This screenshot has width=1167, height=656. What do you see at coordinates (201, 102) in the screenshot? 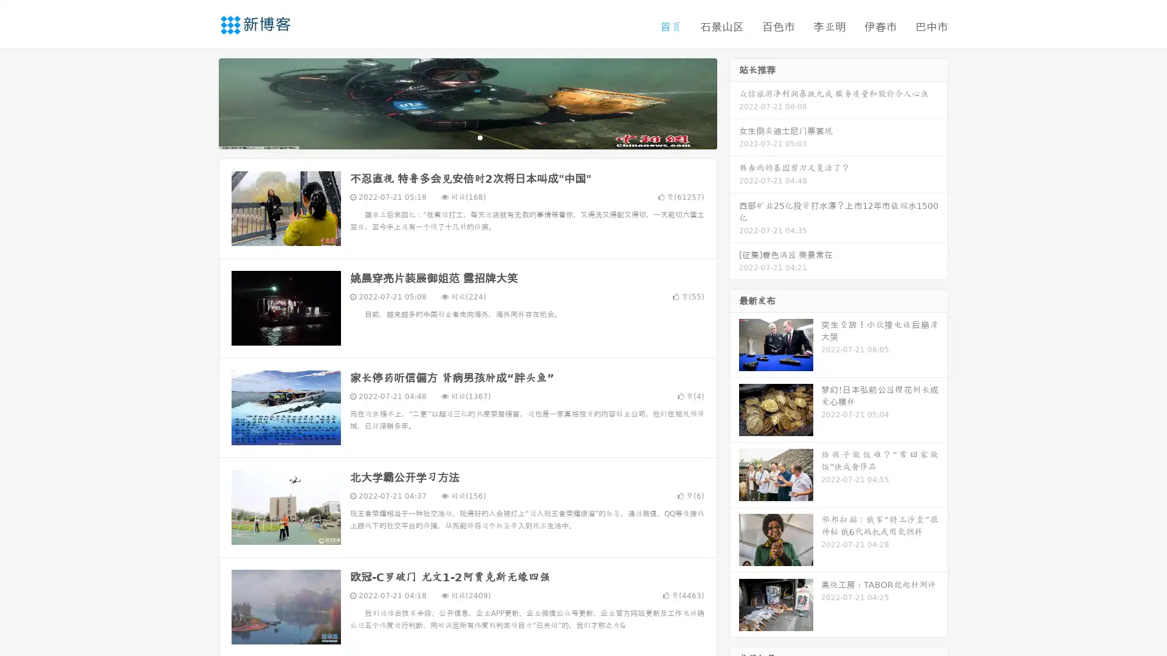
I see `Previous slide` at bounding box center [201, 102].